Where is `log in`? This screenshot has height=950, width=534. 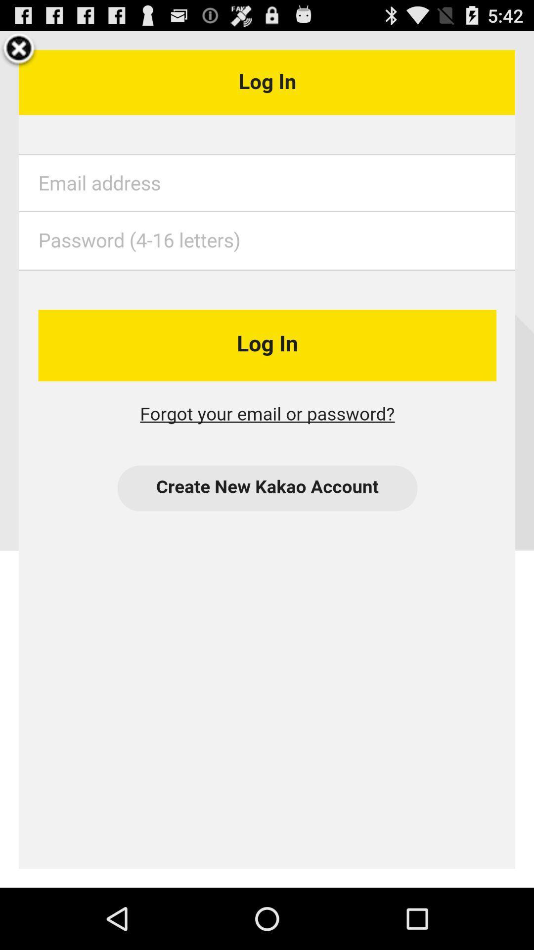
log in is located at coordinates (267, 459).